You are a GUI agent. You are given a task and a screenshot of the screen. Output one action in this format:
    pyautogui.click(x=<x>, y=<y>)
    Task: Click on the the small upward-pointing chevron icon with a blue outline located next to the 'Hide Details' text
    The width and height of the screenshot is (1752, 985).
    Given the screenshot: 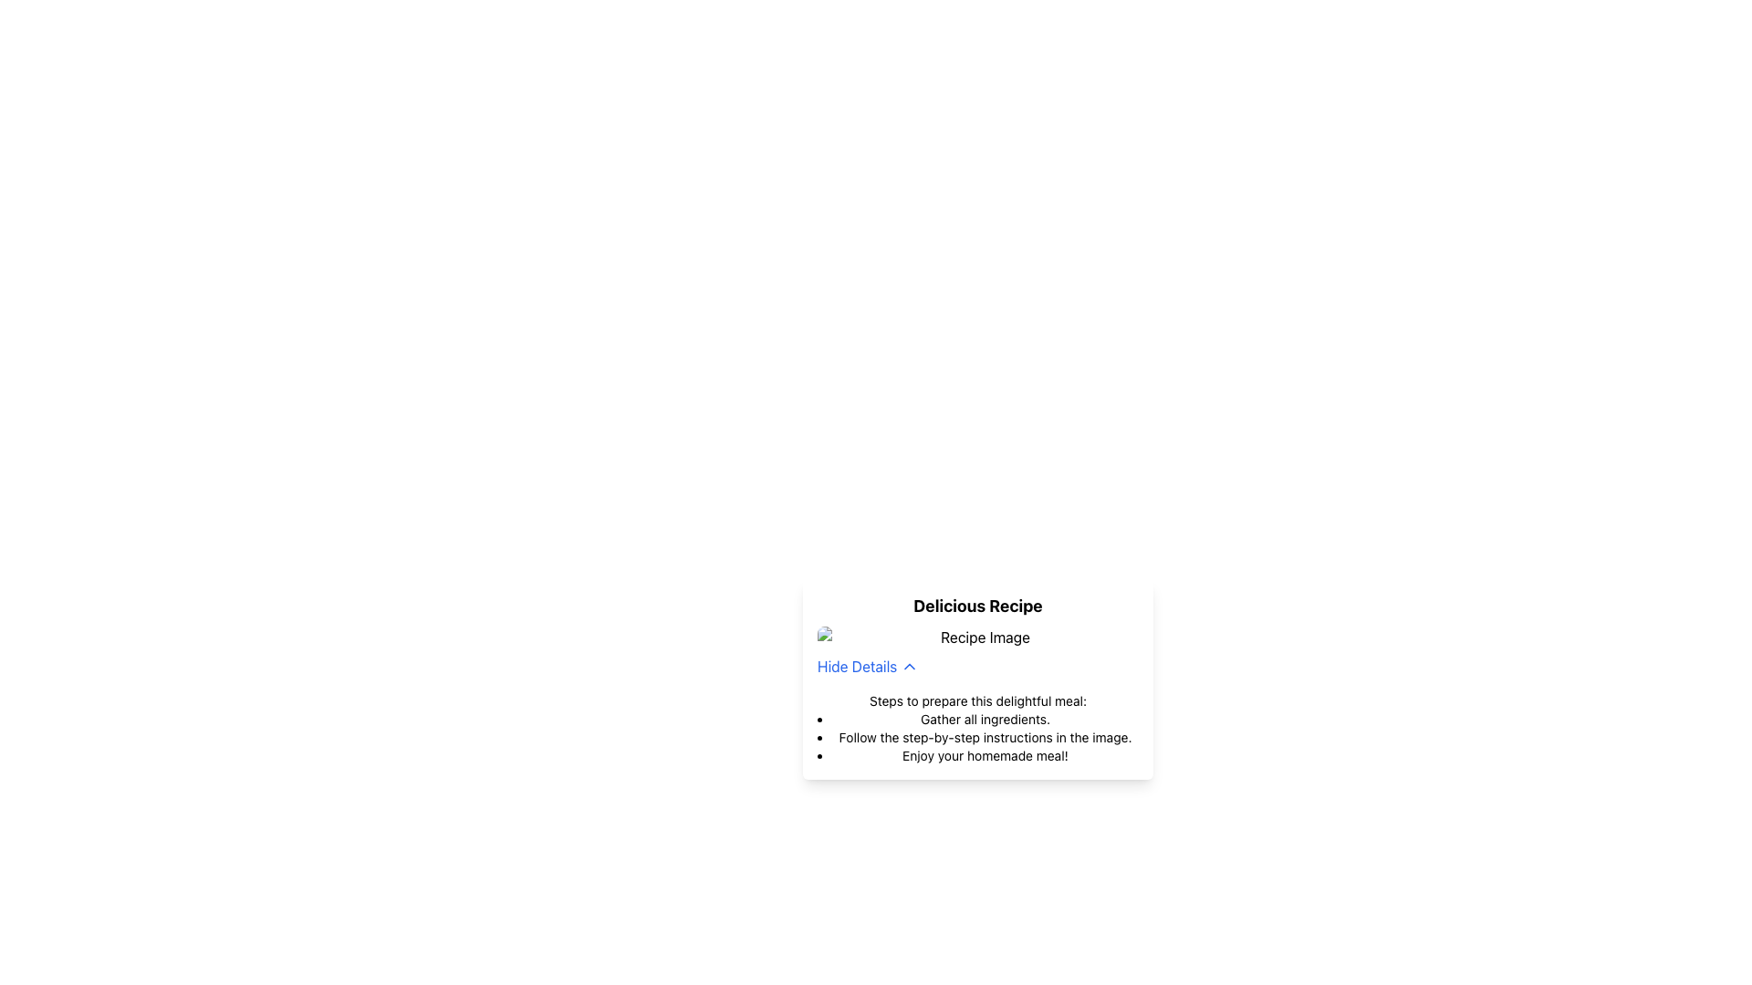 What is the action you would take?
    pyautogui.click(x=910, y=667)
    